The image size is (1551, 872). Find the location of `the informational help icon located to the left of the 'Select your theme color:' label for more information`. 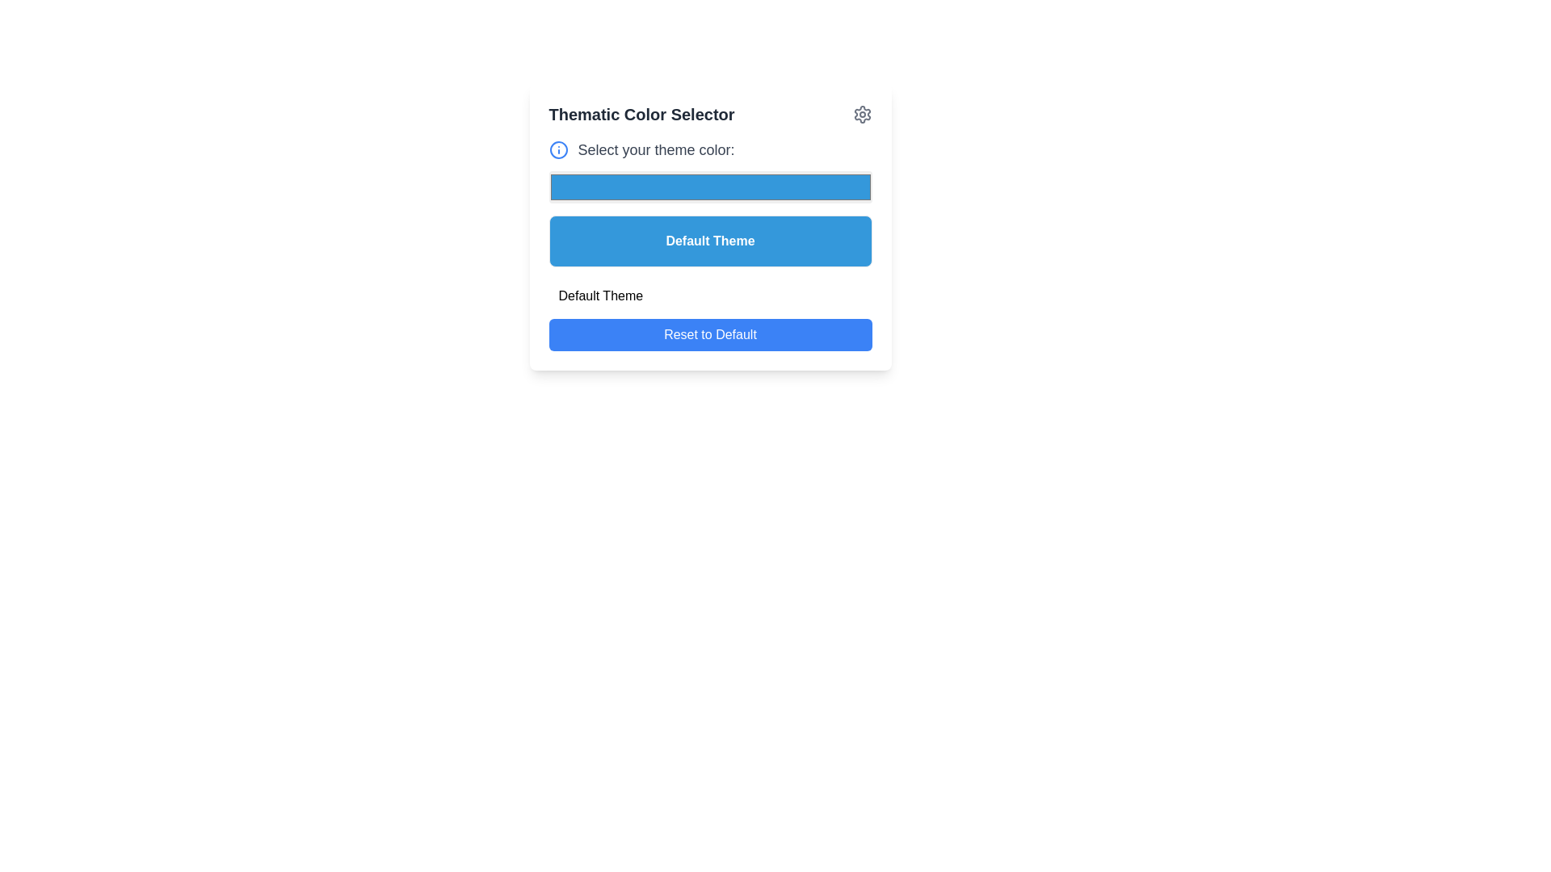

the informational help icon located to the left of the 'Select your theme color:' label for more information is located at coordinates (558, 149).